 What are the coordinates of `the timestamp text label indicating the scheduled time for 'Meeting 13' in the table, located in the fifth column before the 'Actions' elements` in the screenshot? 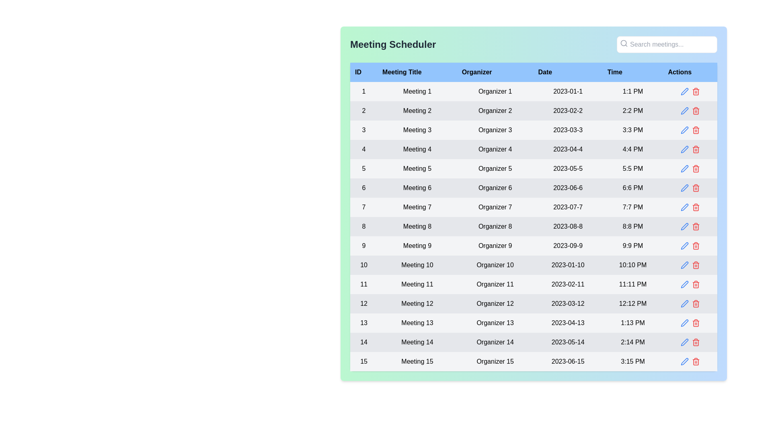 It's located at (632, 322).